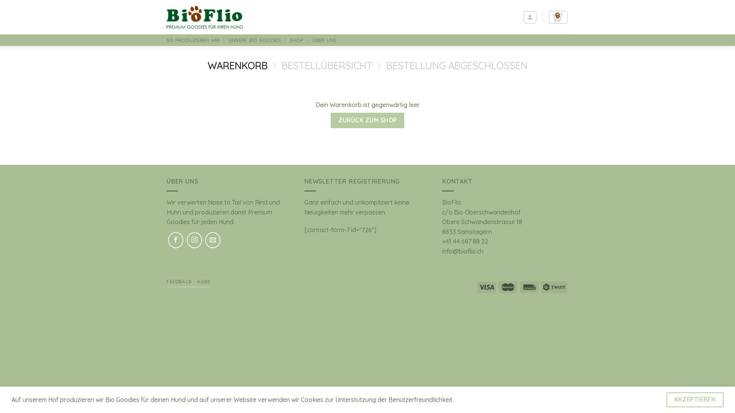  I want to click on 'Warenkorb', so click(558, 17).